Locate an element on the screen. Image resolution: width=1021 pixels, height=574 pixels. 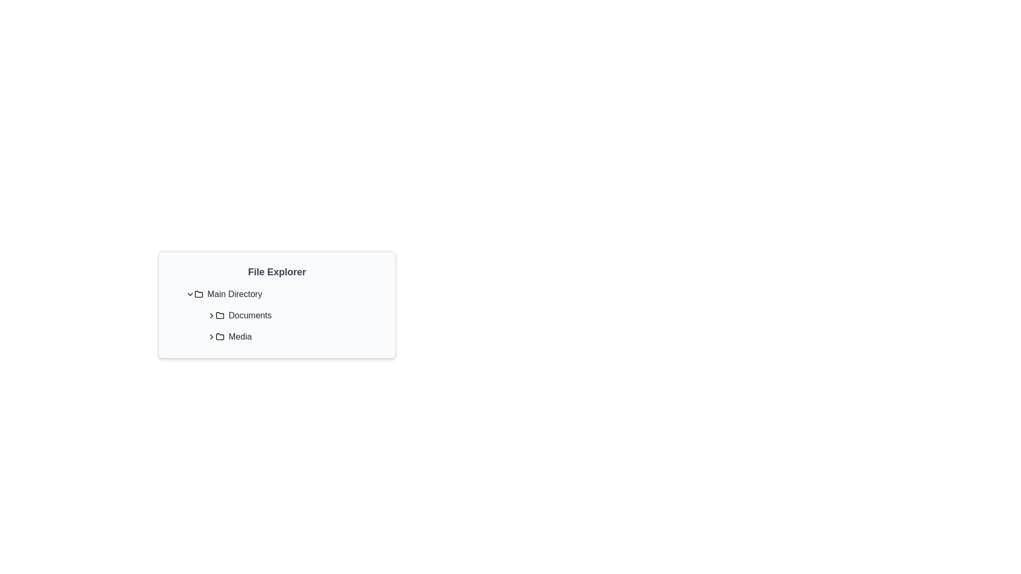
the folder icon that represents the 'Main Directory' in the file explorer interface, which is located to the left of the 'Main Directory' label is located at coordinates (199, 293).